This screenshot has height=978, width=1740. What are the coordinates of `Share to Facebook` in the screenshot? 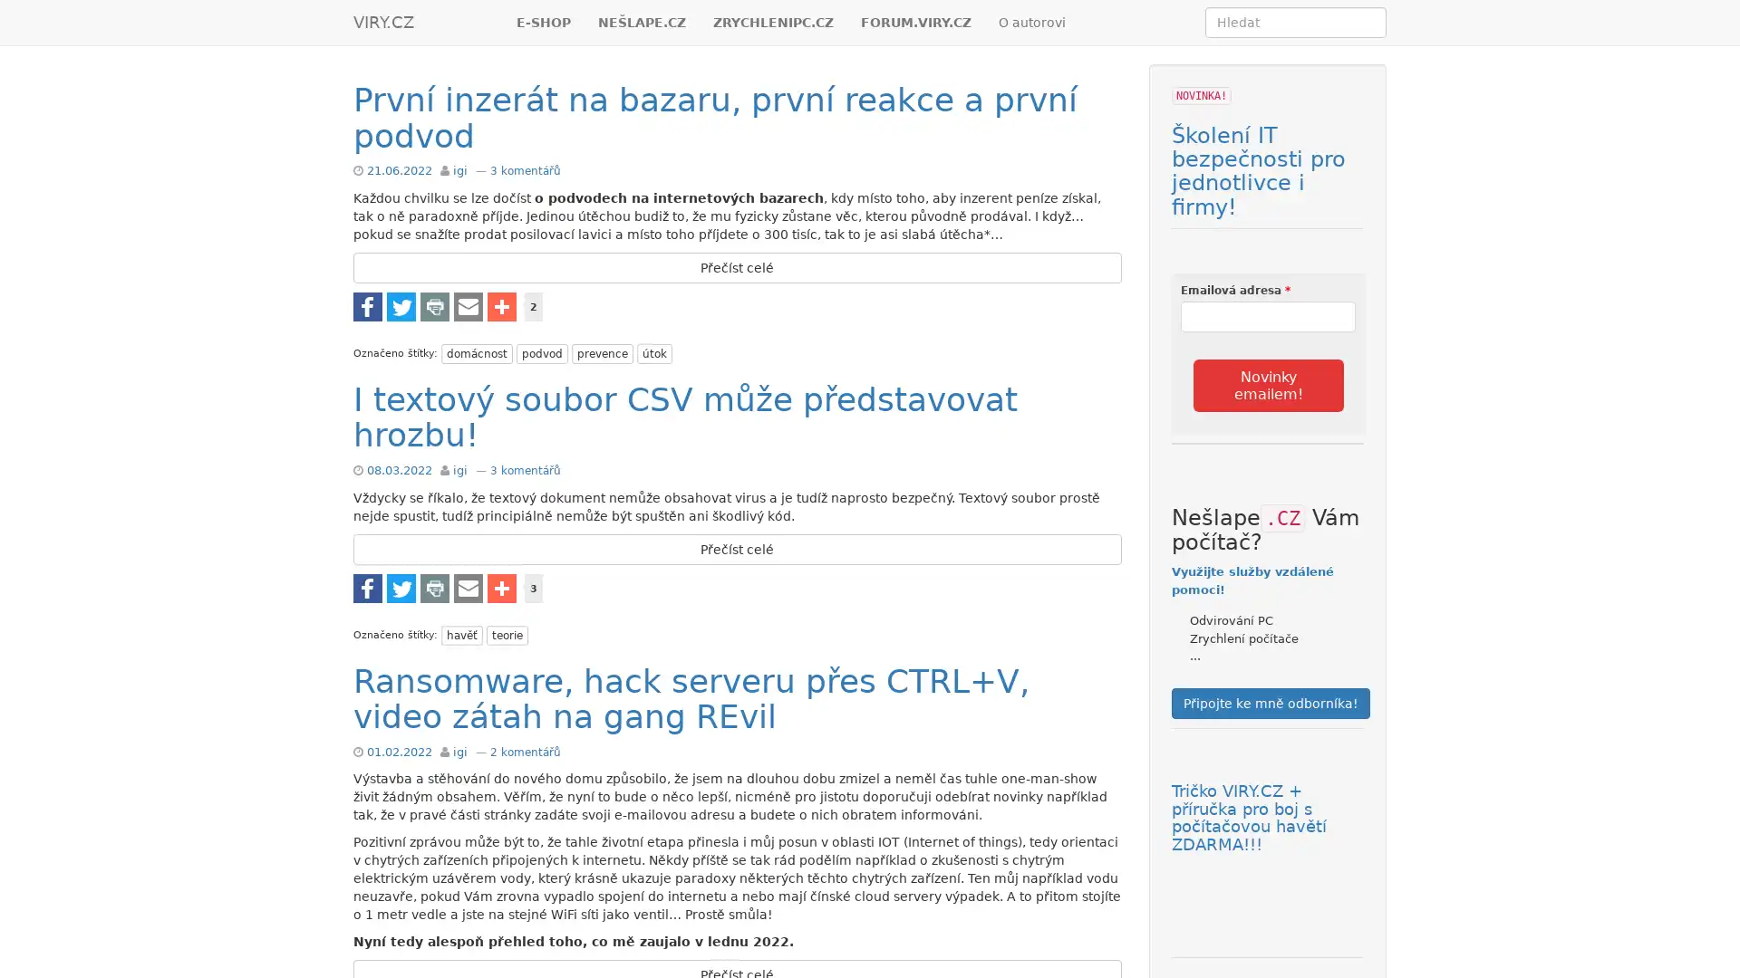 It's located at (367, 587).